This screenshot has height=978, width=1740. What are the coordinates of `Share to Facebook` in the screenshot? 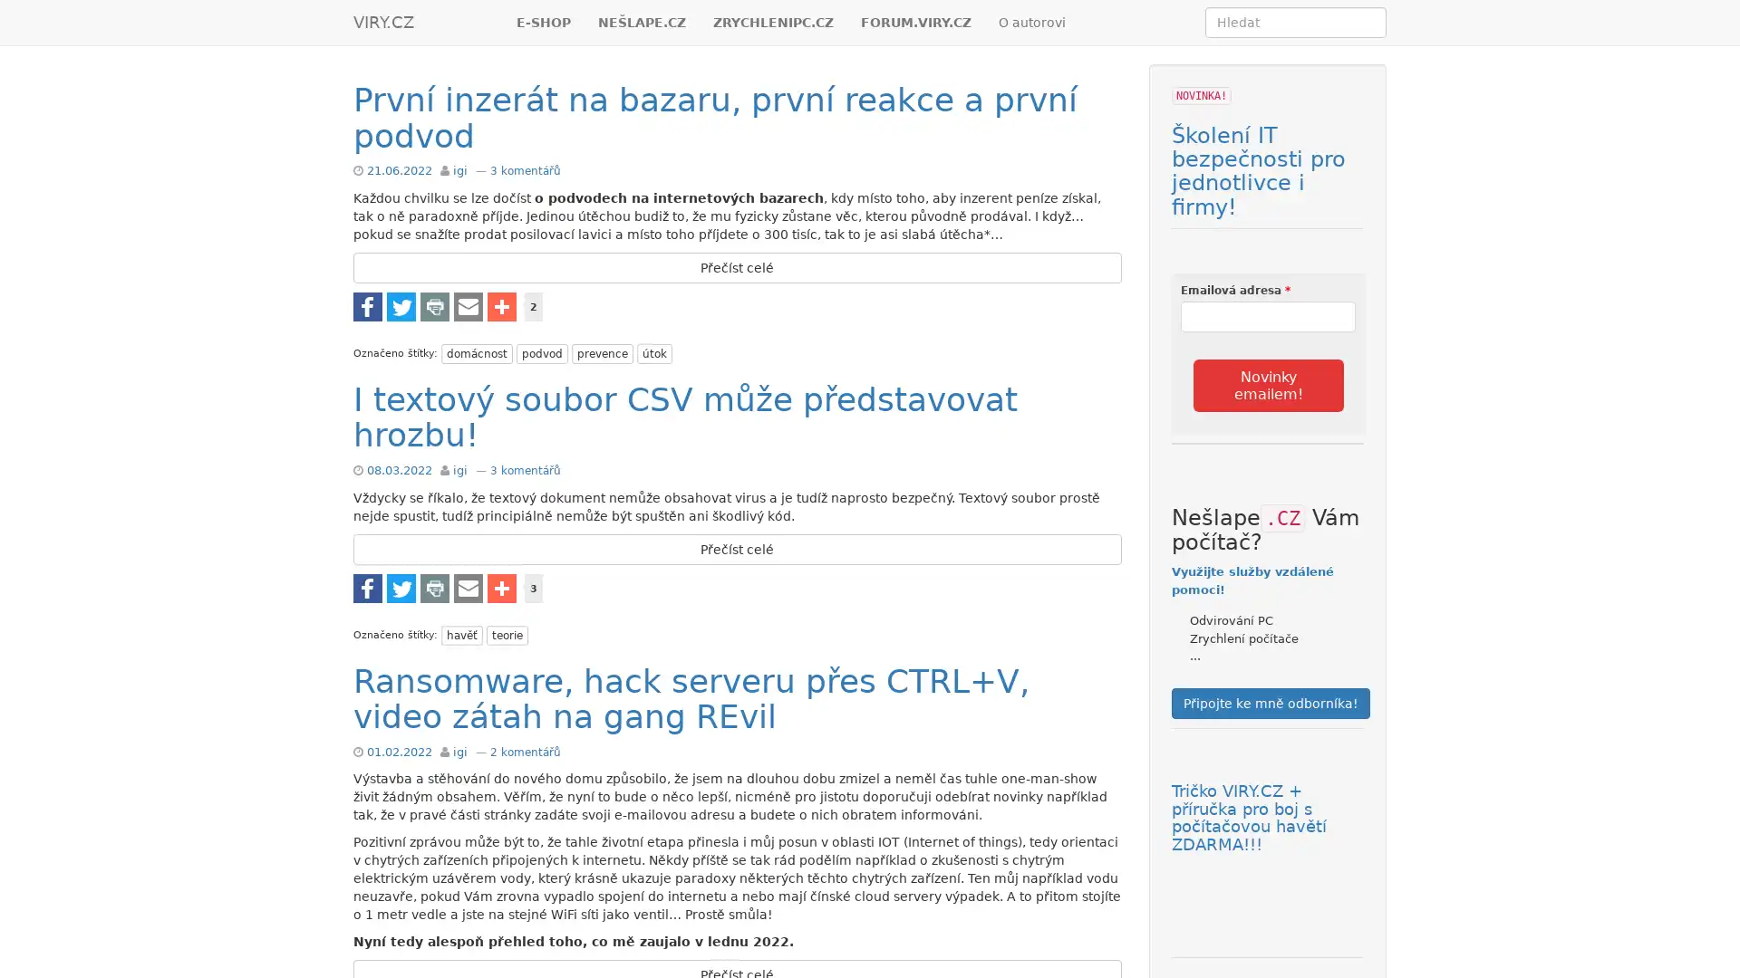 It's located at (367, 587).